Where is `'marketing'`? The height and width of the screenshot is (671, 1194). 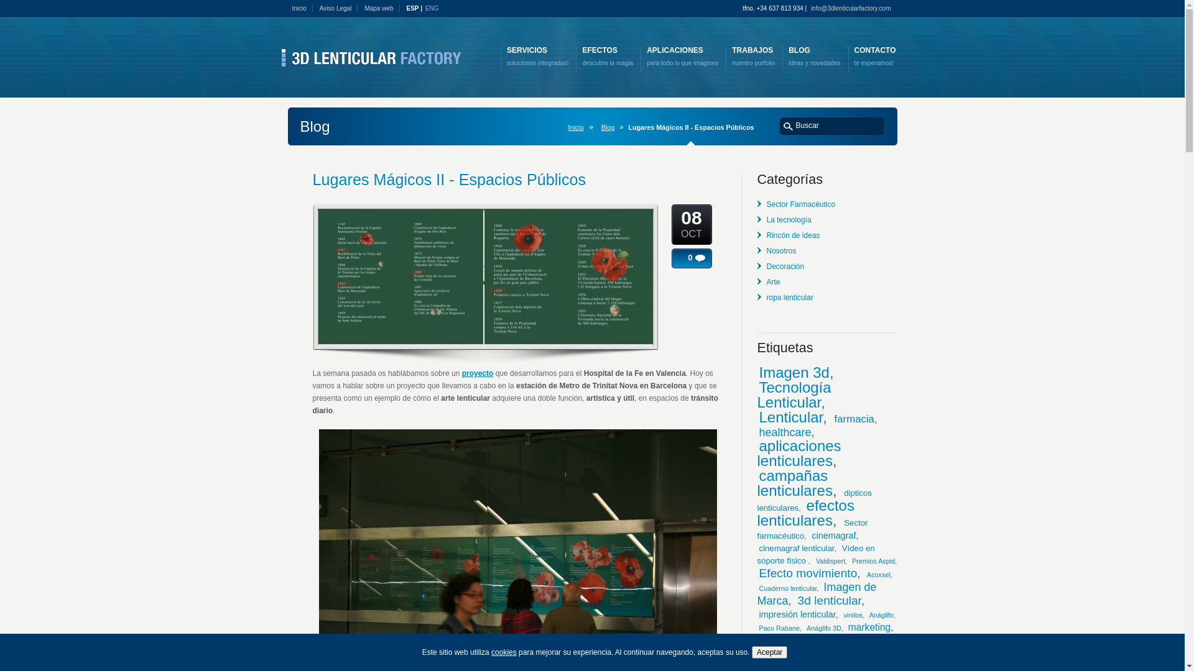 'marketing' is located at coordinates (868, 627).